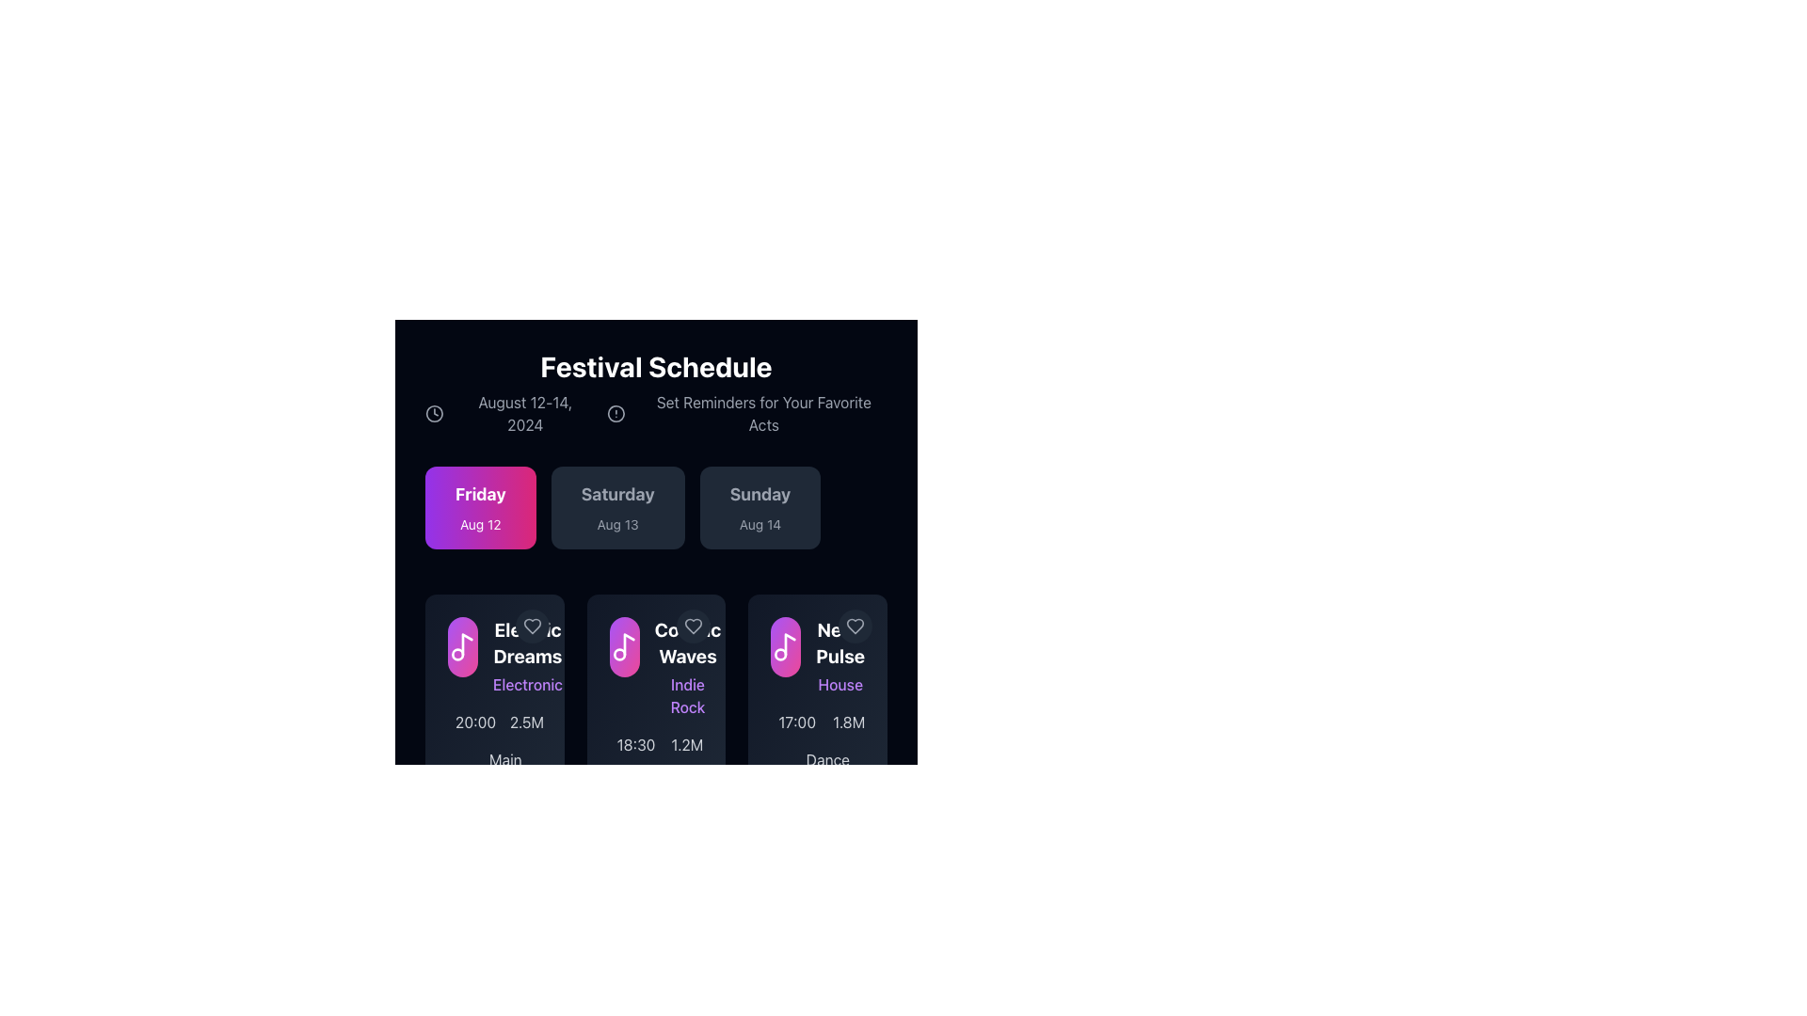  I want to click on the Text label indicating the scheduled time for an event, which is located under the 'Electronic Dreams' card in the schedule display, so click(475, 721).